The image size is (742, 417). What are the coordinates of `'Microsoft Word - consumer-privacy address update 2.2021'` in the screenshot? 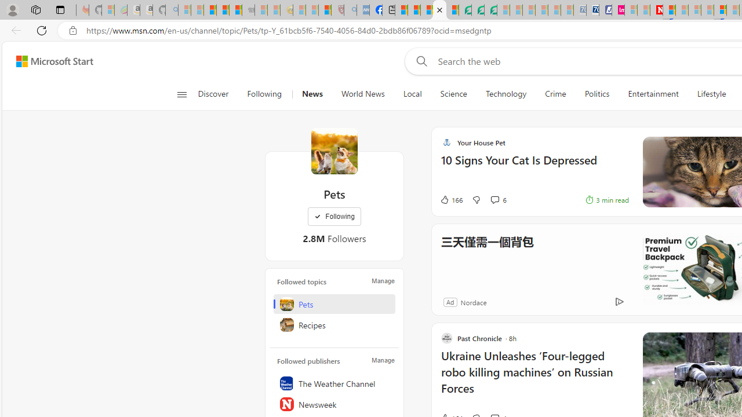 It's located at (490, 10).